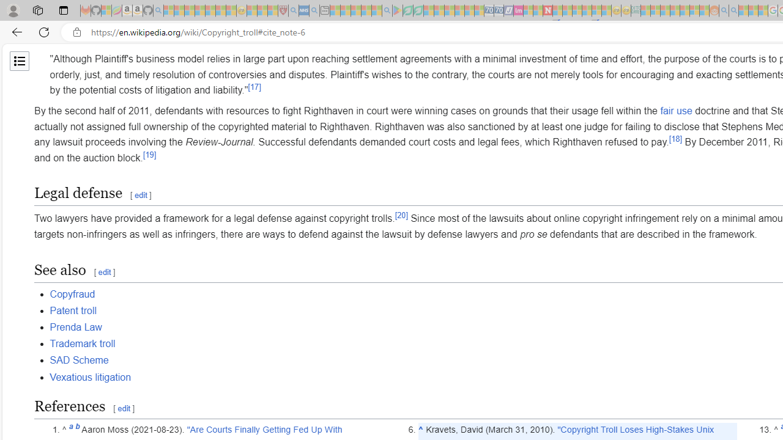 The height and width of the screenshot is (440, 783). What do you see at coordinates (44, 31) in the screenshot?
I see `'Refresh'` at bounding box center [44, 31].